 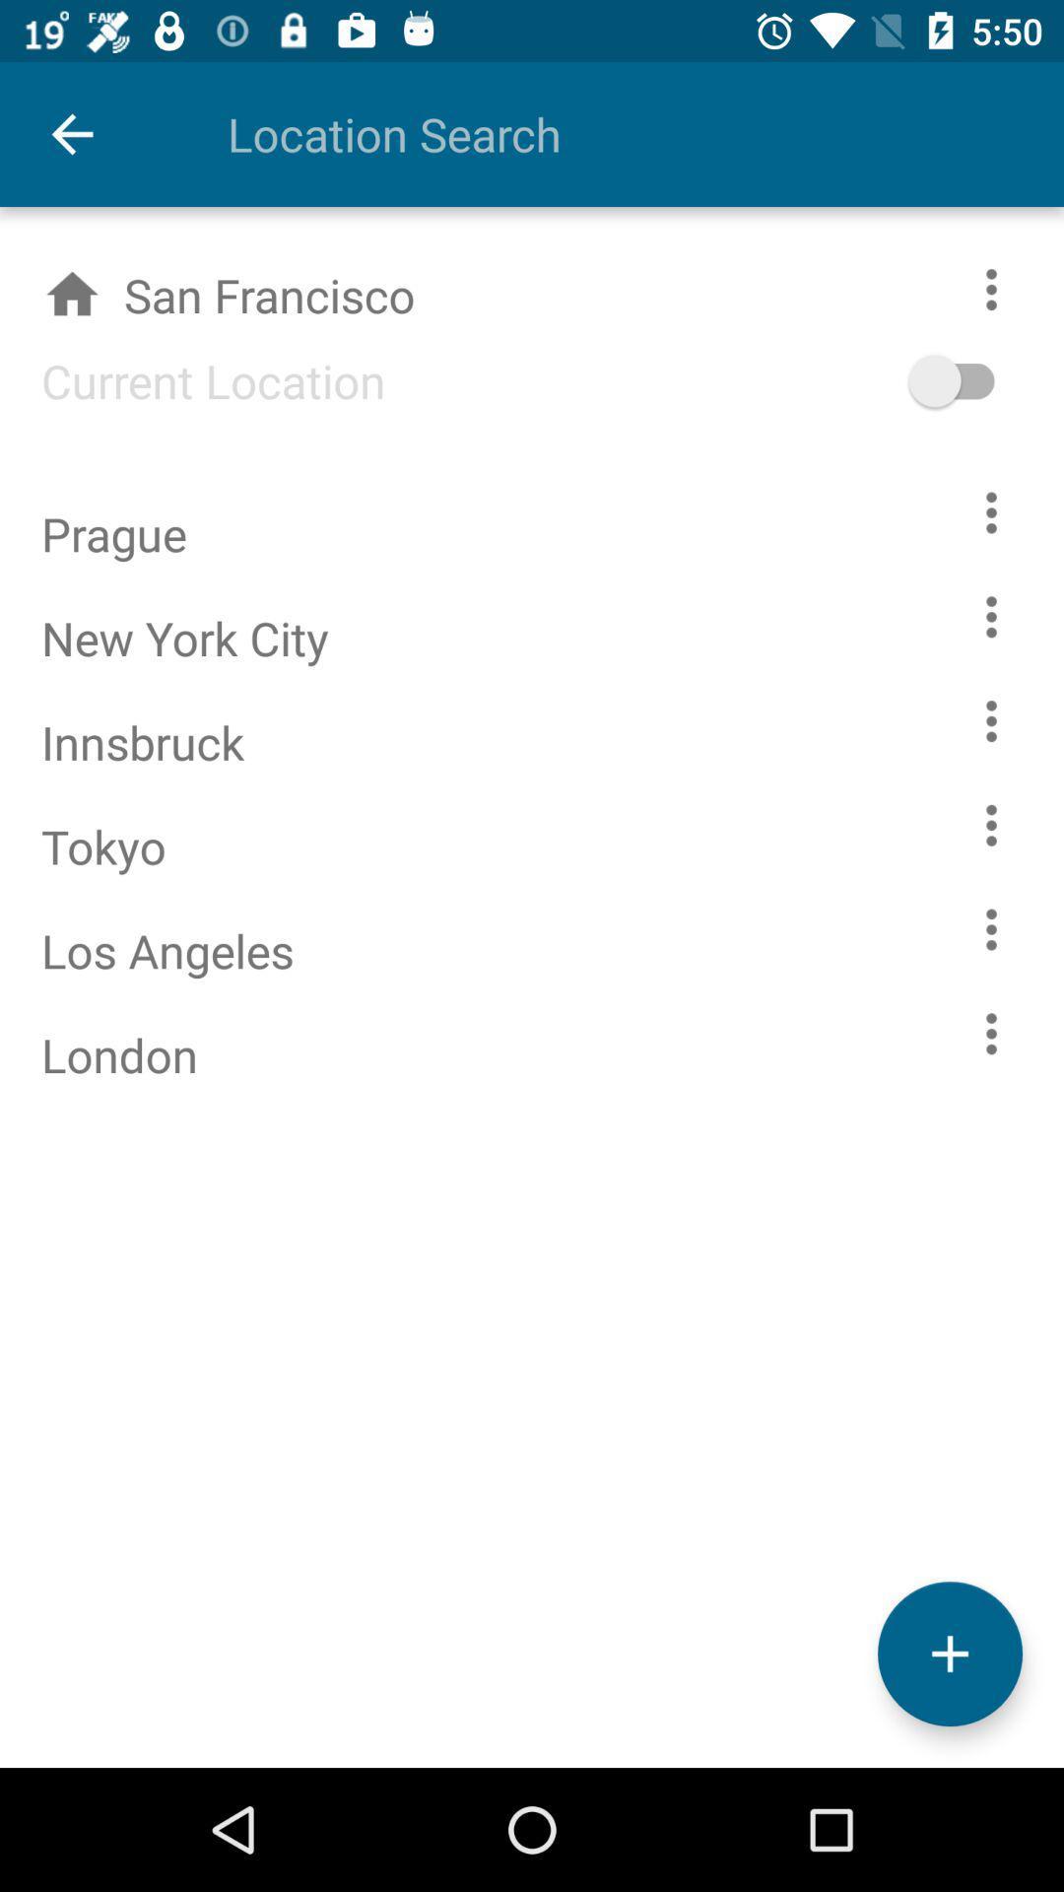 I want to click on the icon at the bottom right corner, so click(x=949, y=1654).